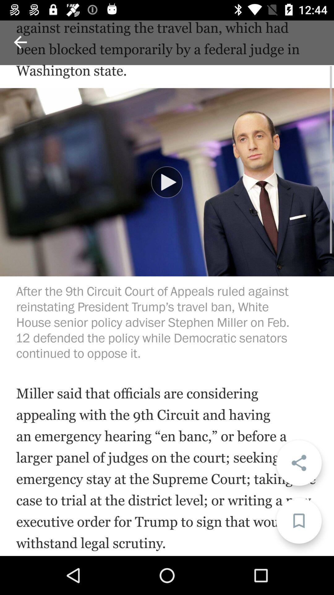  Describe the element at coordinates (298, 521) in the screenshot. I see `the bookmark icon` at that location.